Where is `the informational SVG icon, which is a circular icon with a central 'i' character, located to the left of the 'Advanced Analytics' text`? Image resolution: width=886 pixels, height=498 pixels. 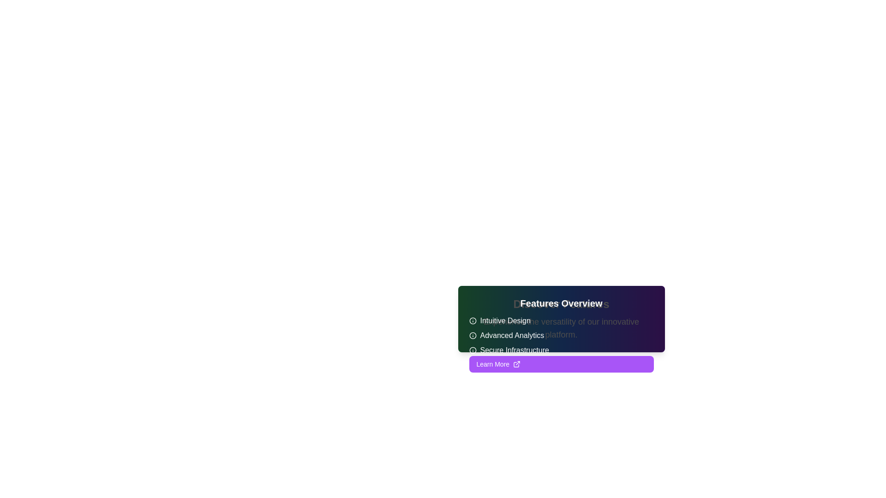
the informational SVG icon, which is a circular icon with a central 'i' character, located to the left of the 'Advanced Analytics' text is located at coordinates (473, 336).